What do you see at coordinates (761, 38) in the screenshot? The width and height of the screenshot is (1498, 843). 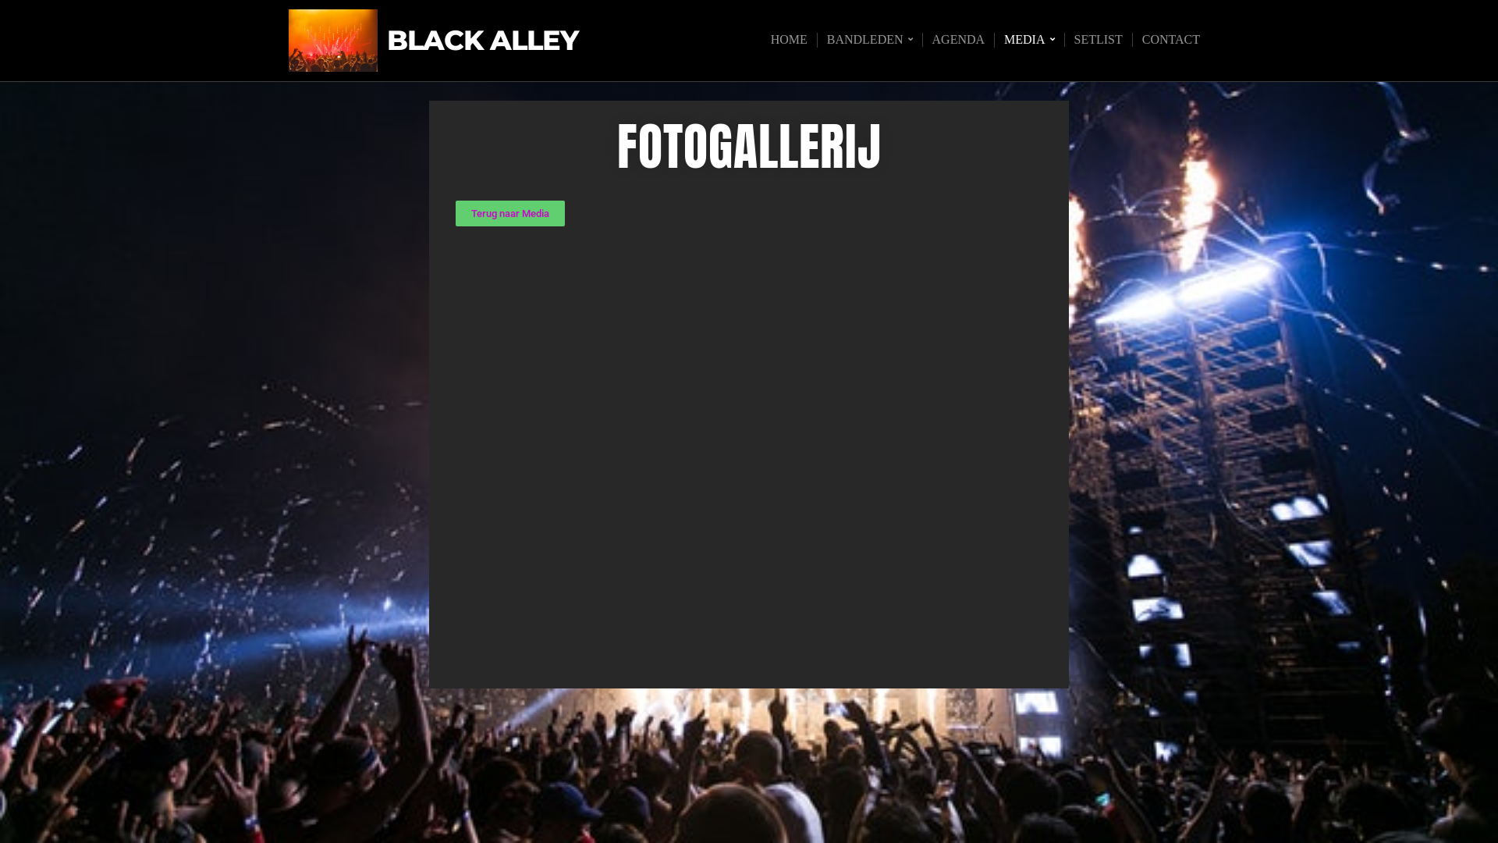 I see `'HOME'` at bounding box center [761, 38].